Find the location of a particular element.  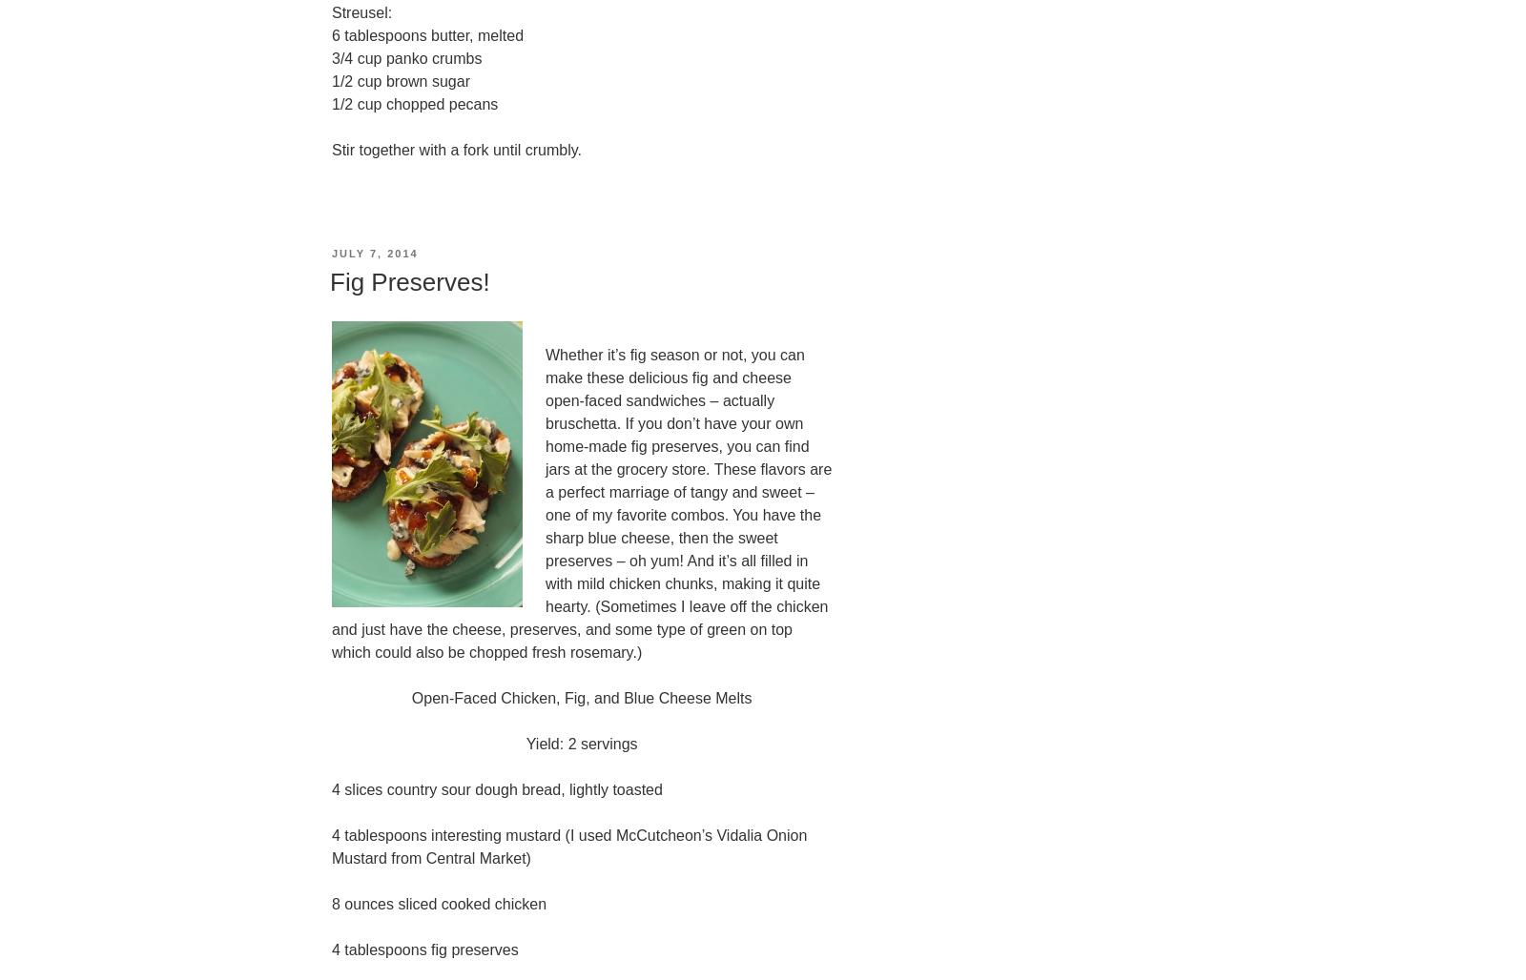

'Yield: 2 servings' is located at coordinates (581, 743).